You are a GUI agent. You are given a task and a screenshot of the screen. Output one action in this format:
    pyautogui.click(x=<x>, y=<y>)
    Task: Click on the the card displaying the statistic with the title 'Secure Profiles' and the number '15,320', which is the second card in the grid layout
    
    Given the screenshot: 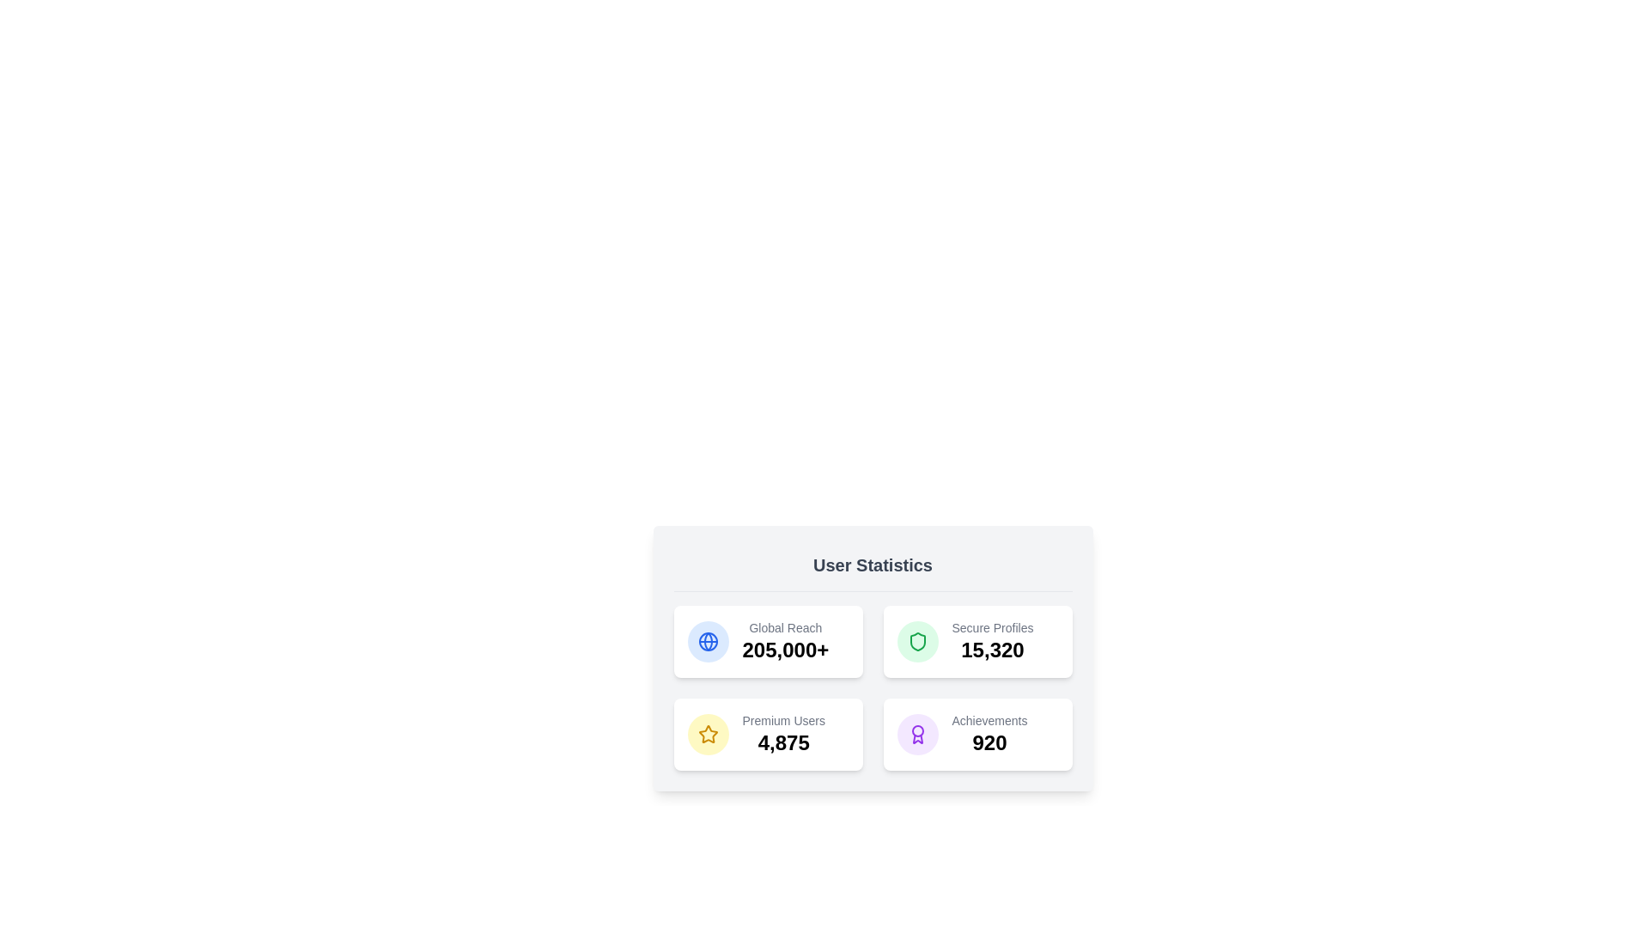 What is the action you would take?
    pyautogui.click(x=977, y=642)
    